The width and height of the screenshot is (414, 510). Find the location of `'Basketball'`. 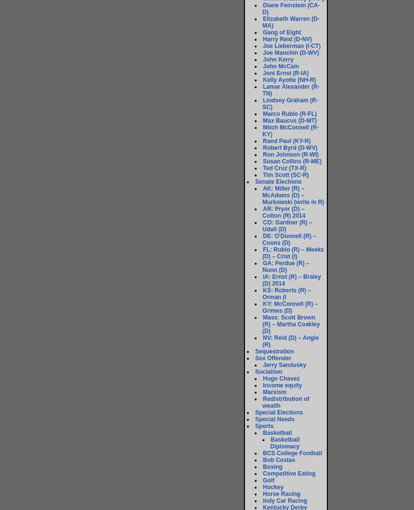

'Basketball' is located at coordinates (277, 433).